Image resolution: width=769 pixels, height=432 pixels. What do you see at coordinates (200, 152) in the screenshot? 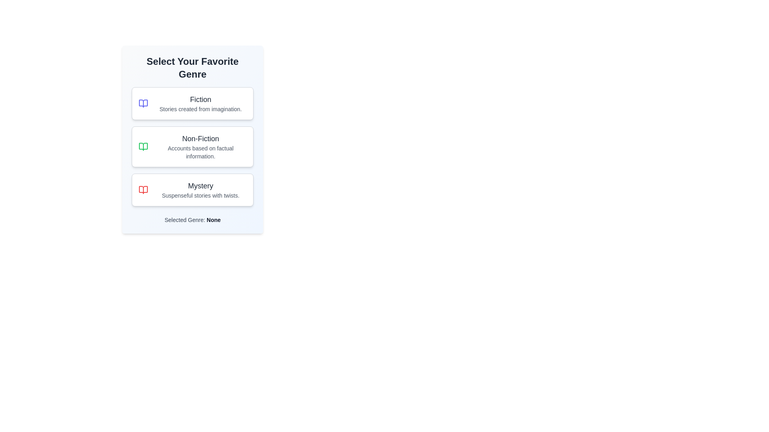
I see `the descriptive text label 'Accounts based on factual information.' located below the heading 'Non-Fiction' in the genre selection box` at bounding box center [200, 152].